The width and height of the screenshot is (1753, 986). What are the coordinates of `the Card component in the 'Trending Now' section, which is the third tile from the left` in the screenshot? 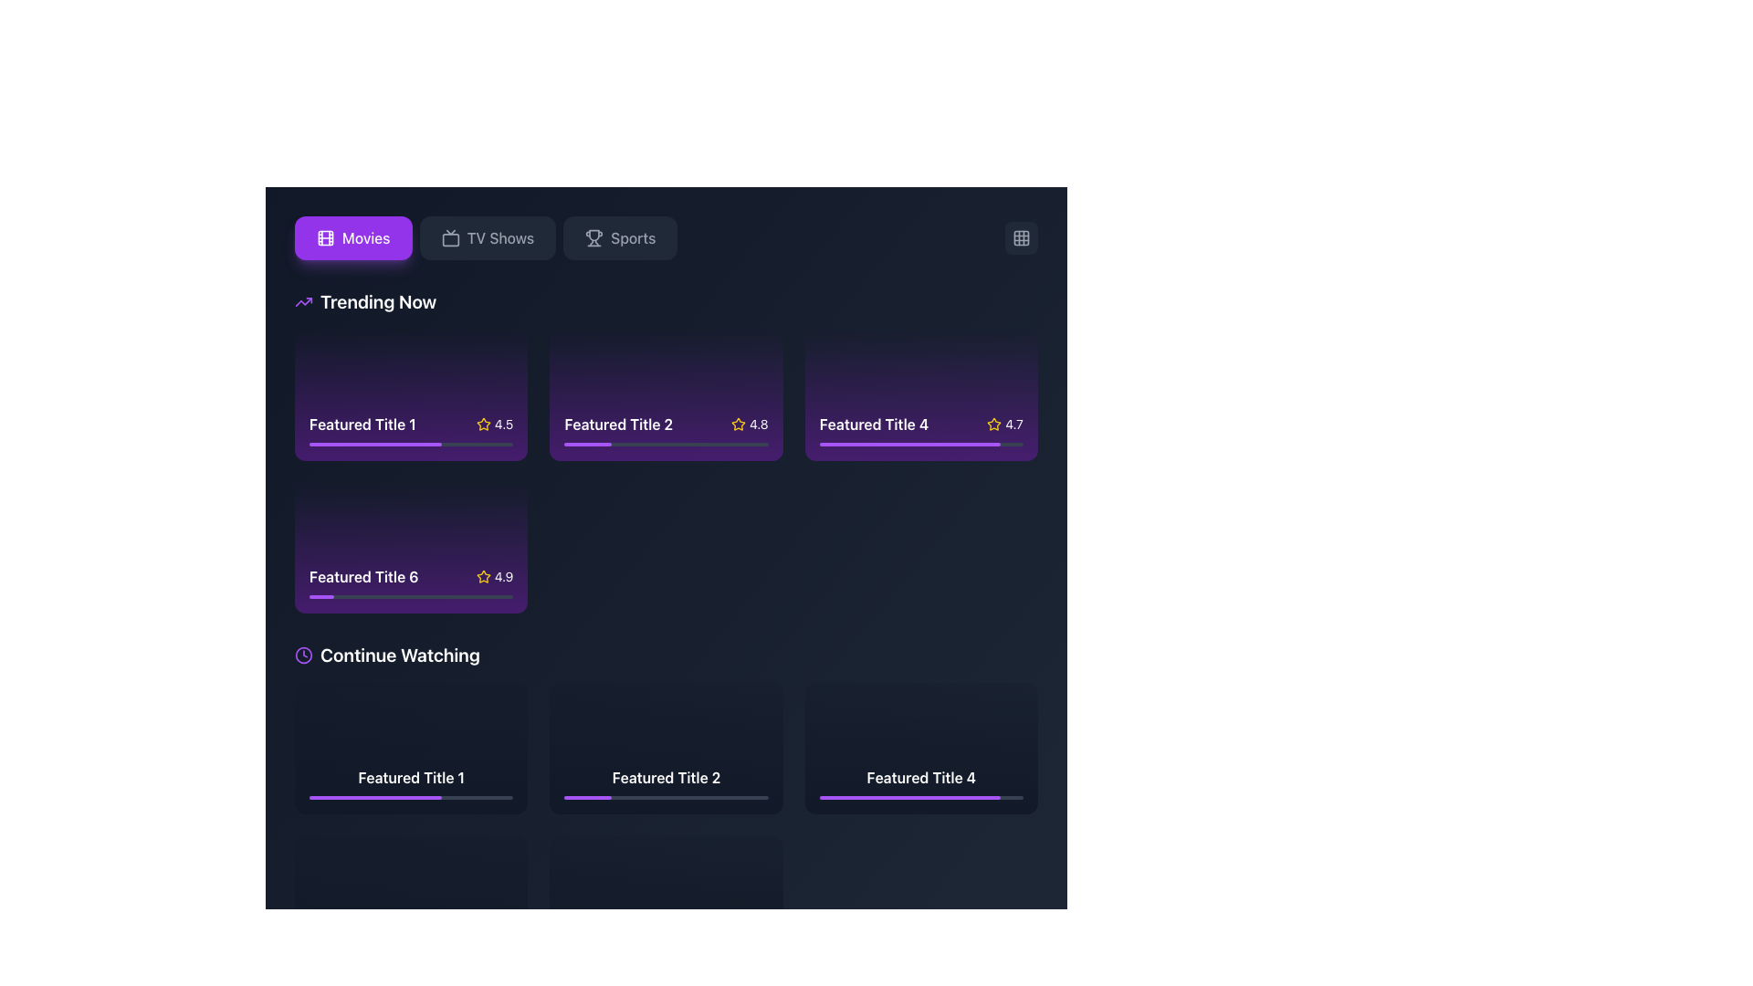 It's located at (921, 429).